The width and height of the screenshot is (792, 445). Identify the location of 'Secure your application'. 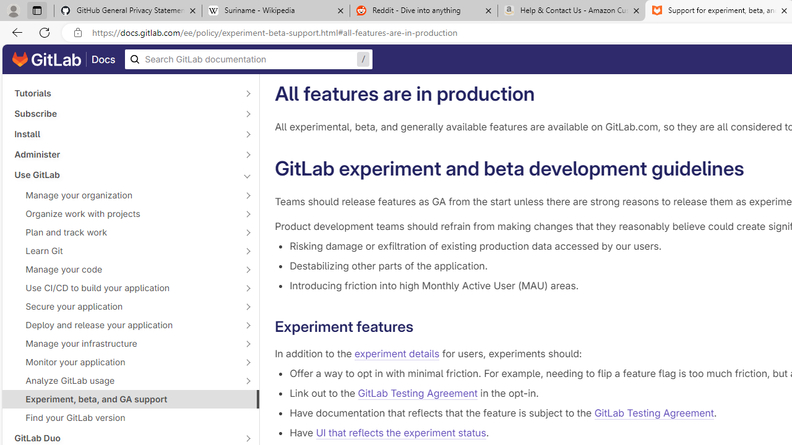
(124, 306).